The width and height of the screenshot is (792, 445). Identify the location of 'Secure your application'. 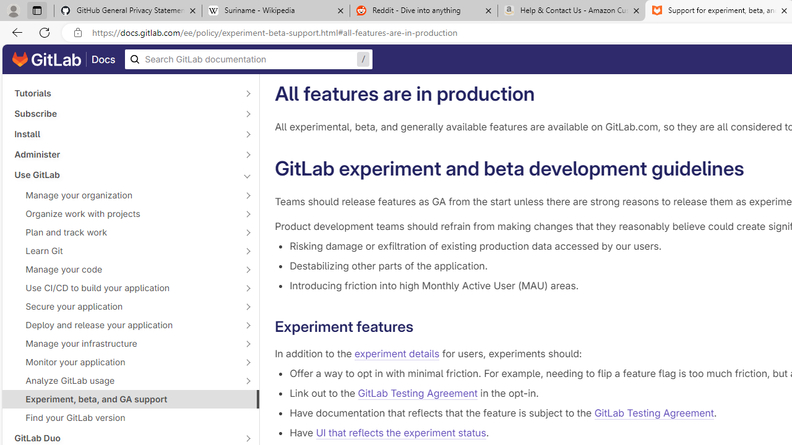
(124, 306).